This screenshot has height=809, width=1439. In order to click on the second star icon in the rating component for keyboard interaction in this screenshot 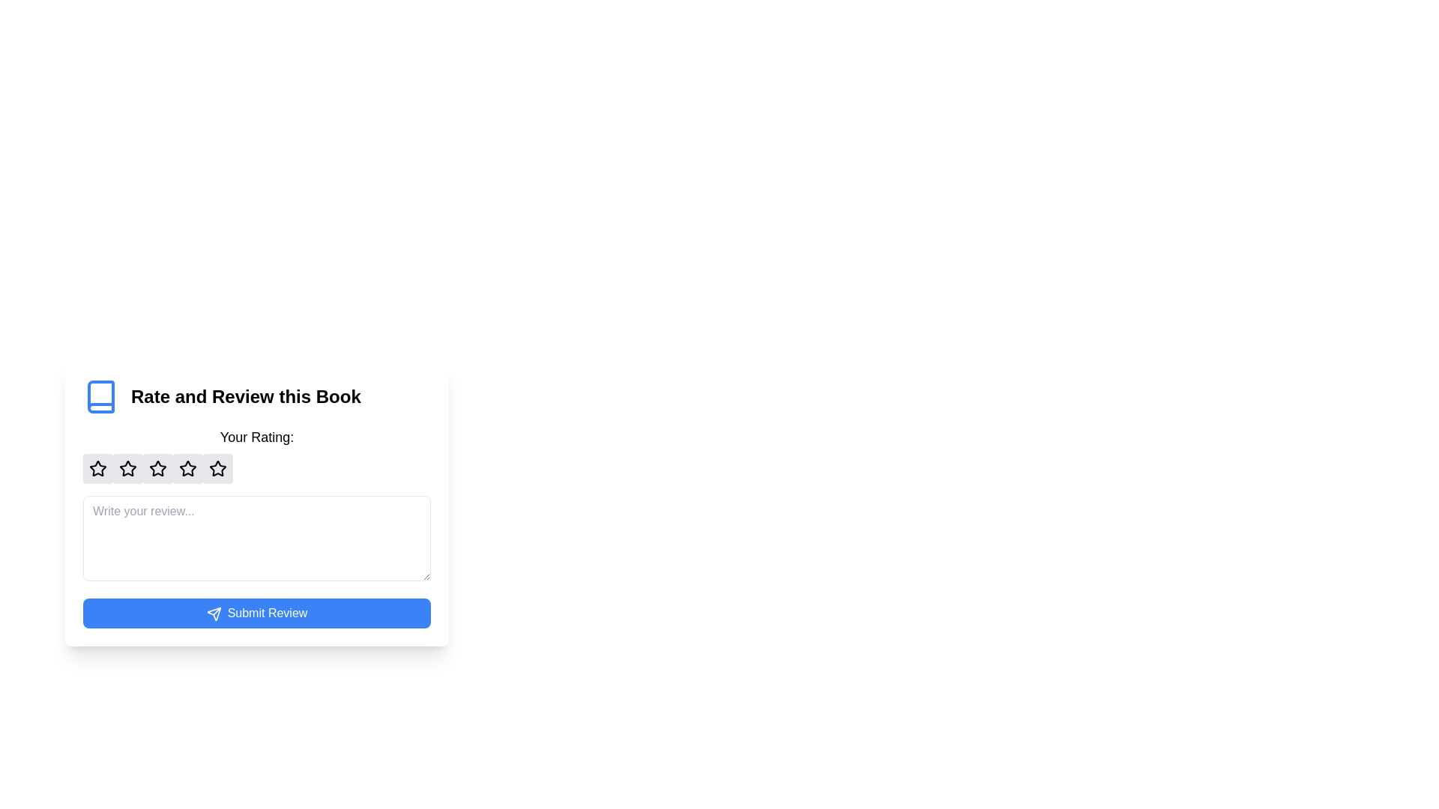, I will do `click(187, 467)`.